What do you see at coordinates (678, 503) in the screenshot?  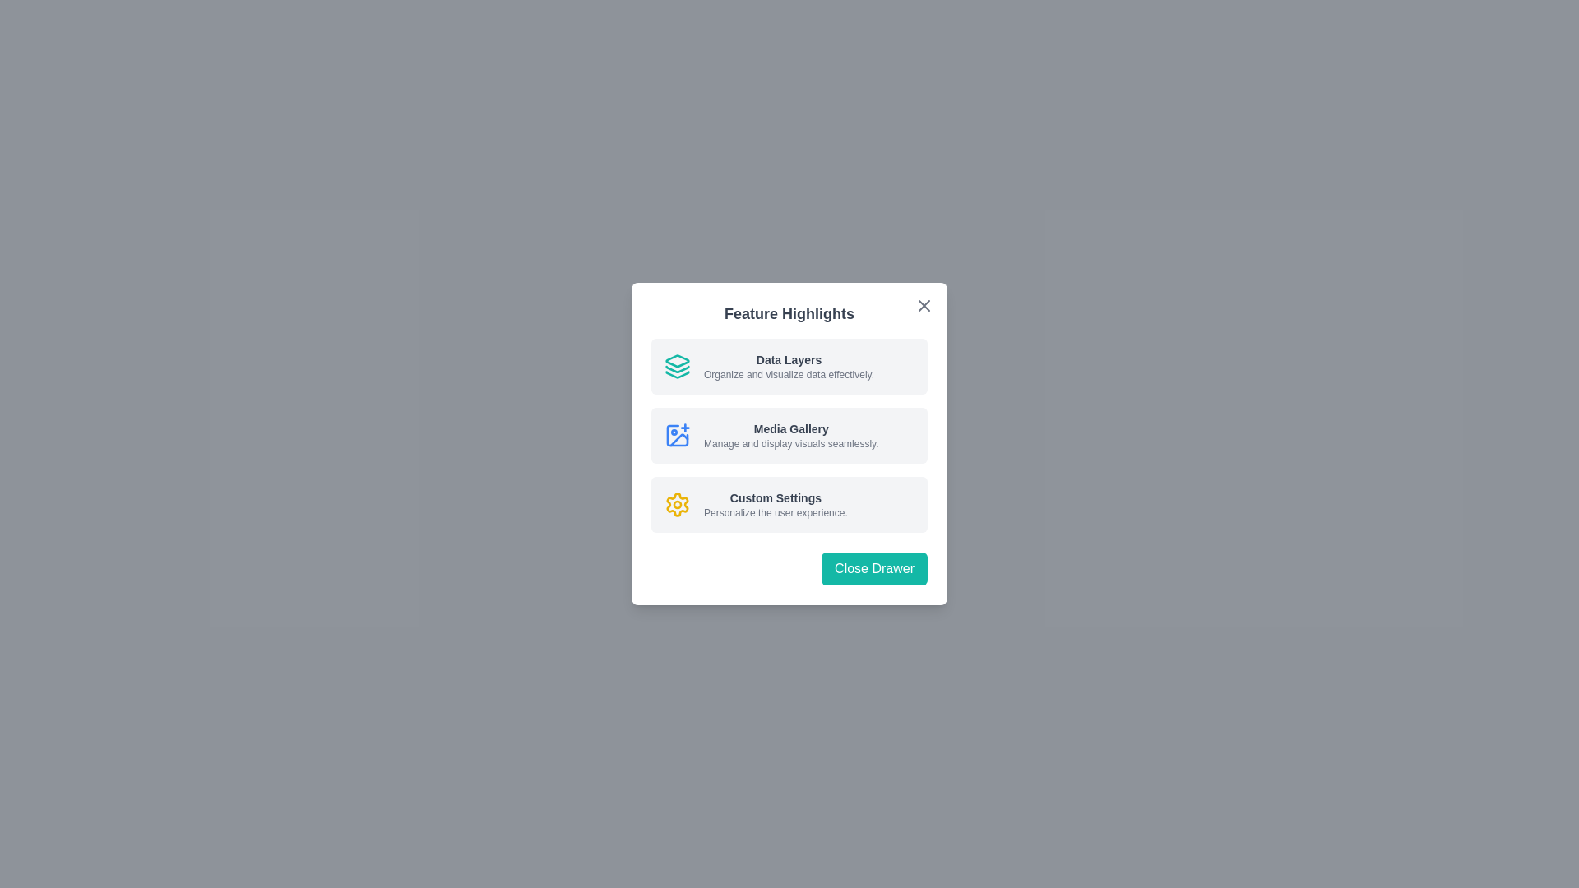 I see `the customization/settings icon located to the left of the 'Custom Settings' text, which is the third icon in the vertical stack` at bounding box center [678, 503].